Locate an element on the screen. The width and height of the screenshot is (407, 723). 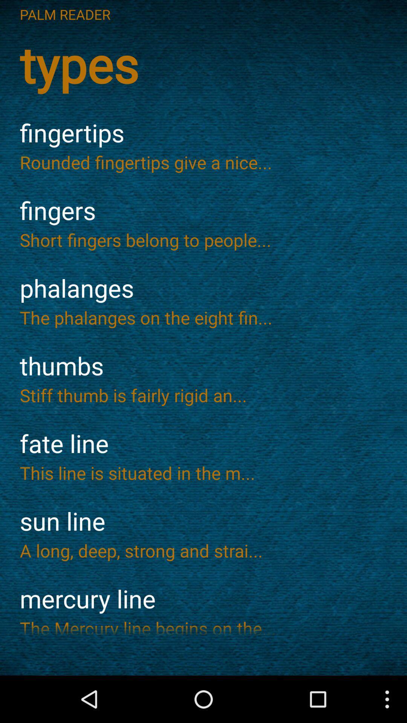
the app above the stiff thumb is item is located at coordinates (203, 366).